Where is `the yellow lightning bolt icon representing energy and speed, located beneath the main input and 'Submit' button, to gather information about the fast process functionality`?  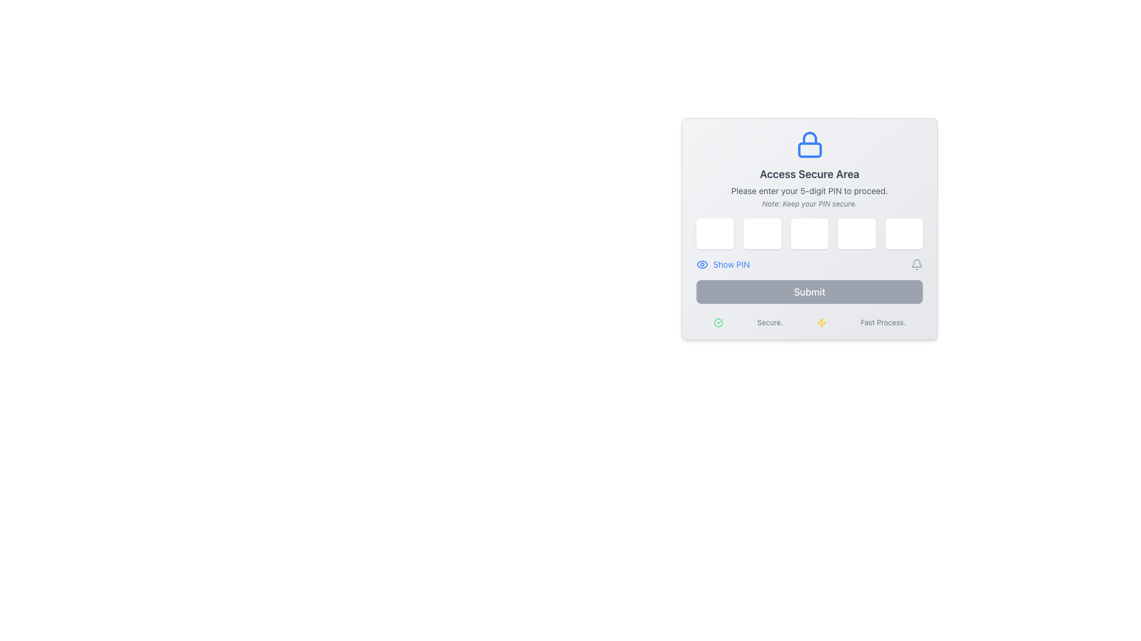
the yellow lightning bolt icon representing energy and speed, located beneath the main input and 'Submit' button, to gather information about the fast process functionality is located at coordinates (821, 322).